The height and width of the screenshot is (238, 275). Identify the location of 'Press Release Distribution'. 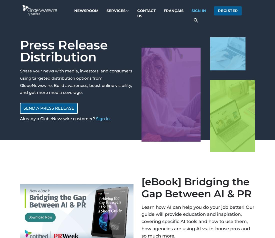
(64, 51).